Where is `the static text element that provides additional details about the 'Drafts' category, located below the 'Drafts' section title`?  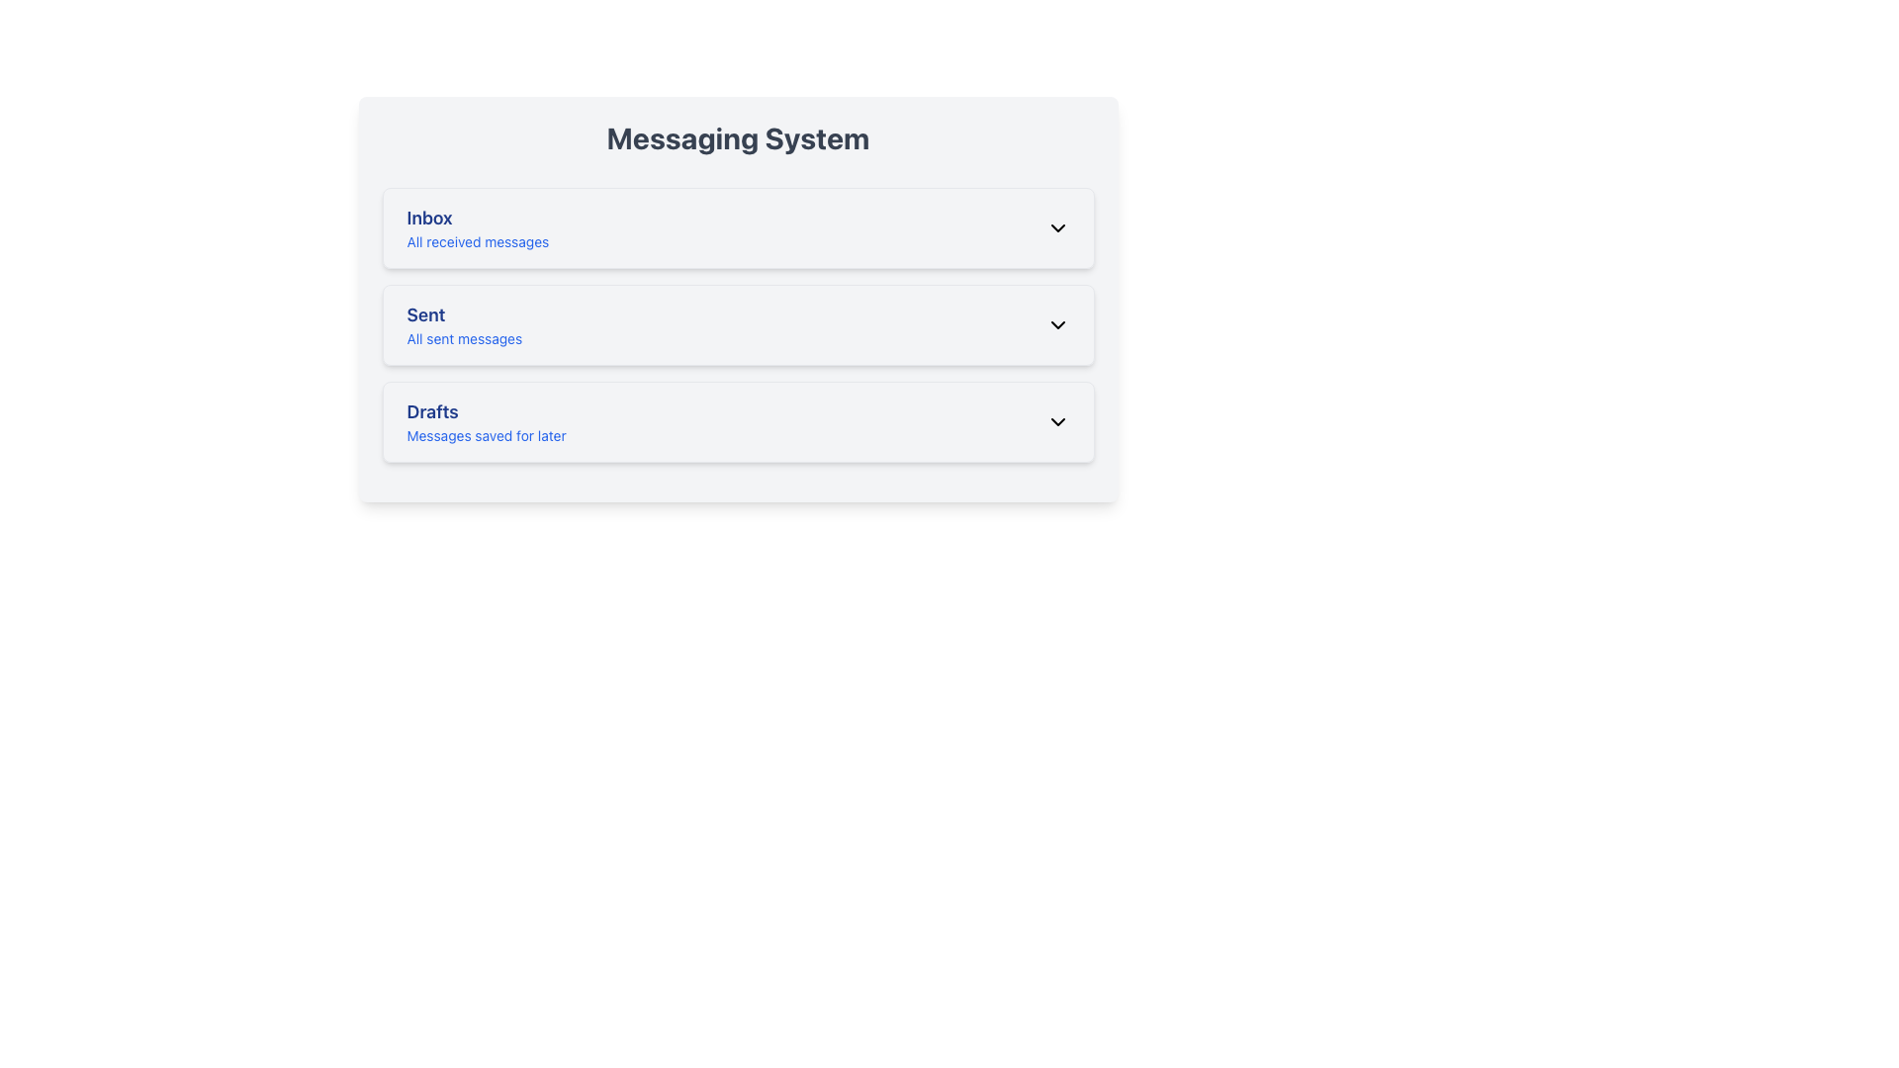 the static text element that provides additional details about the 'Drafts' category, located below the 'Drafts' section title is located at coordinates (487, 434).